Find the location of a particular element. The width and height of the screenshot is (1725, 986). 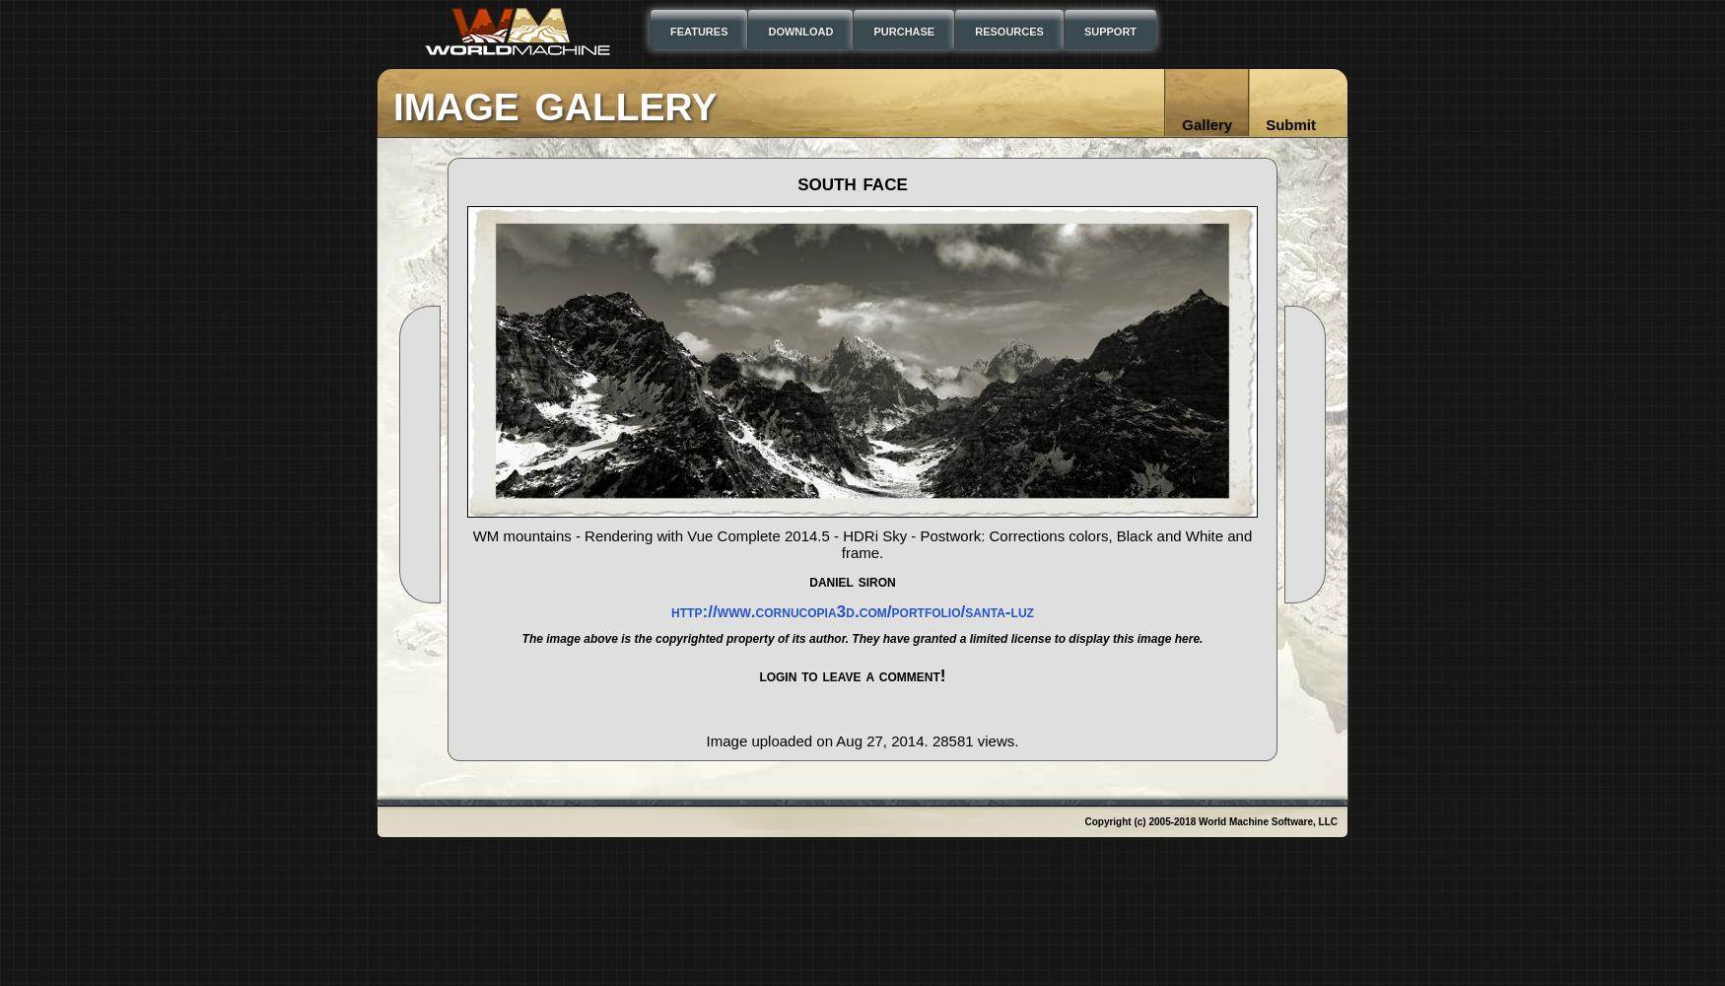

'WM mountains - Rendering with Vue Complete 2014.5 - HDRi Sky - Postwork: Corrections colors, Black and White and frame.' is located at coordinates (862, 544).